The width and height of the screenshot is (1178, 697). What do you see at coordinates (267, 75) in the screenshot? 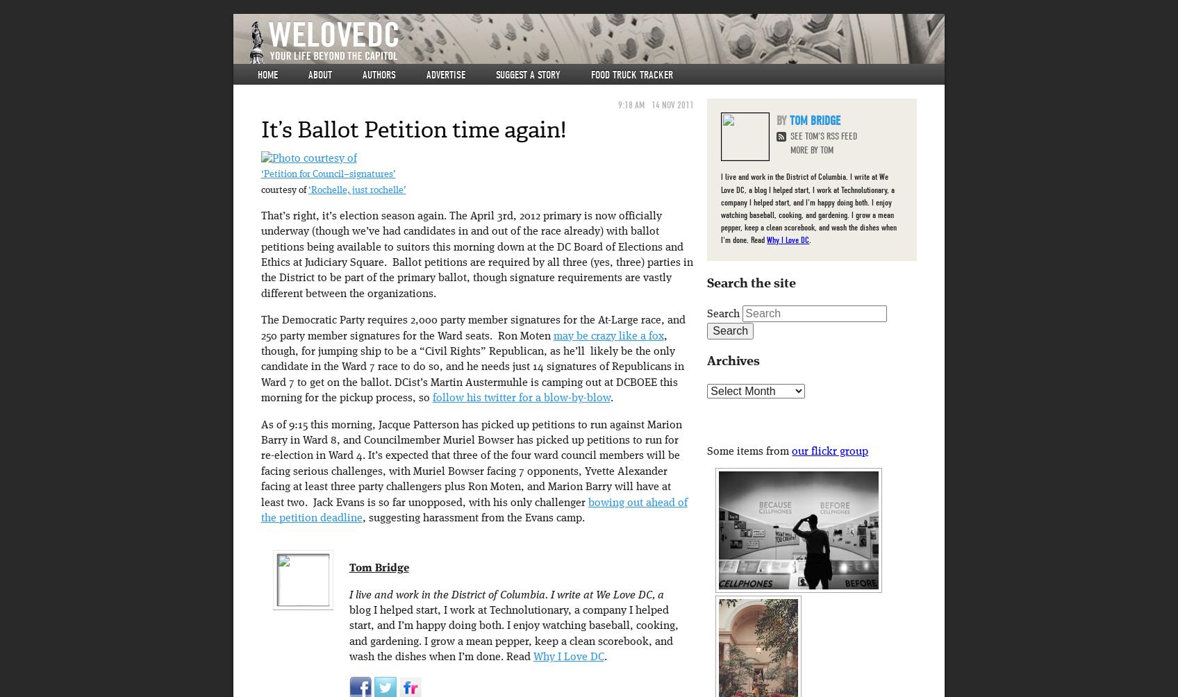
I see `'Home'` at bounding box center [267, 75].